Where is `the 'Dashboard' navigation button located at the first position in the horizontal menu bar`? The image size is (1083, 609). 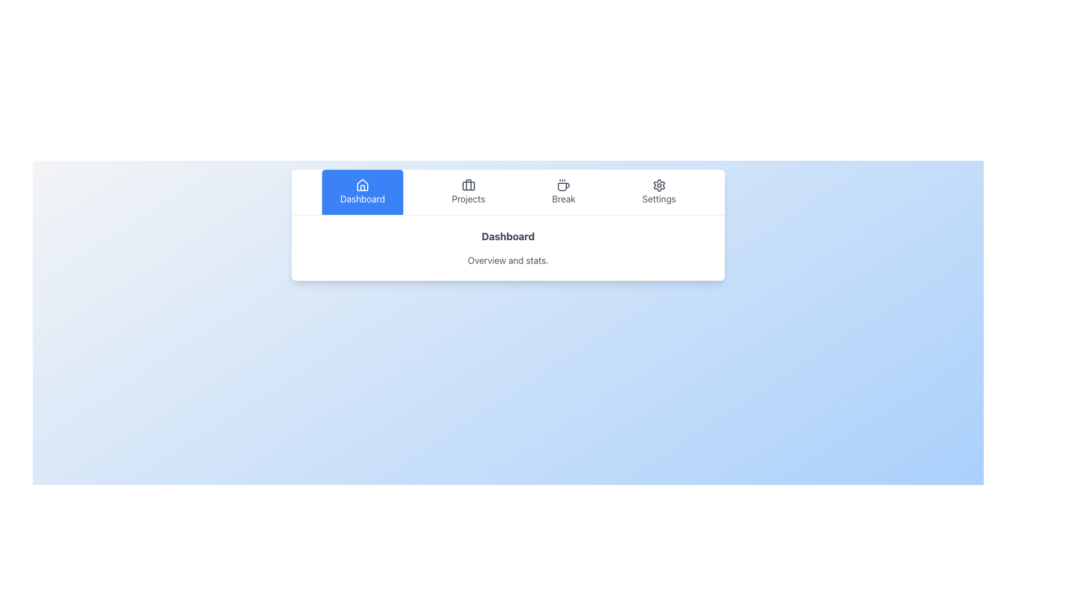 the 'Dashboard' navigation button located at the first position in the horizontal menu bar is located at coordinates (363, 191).